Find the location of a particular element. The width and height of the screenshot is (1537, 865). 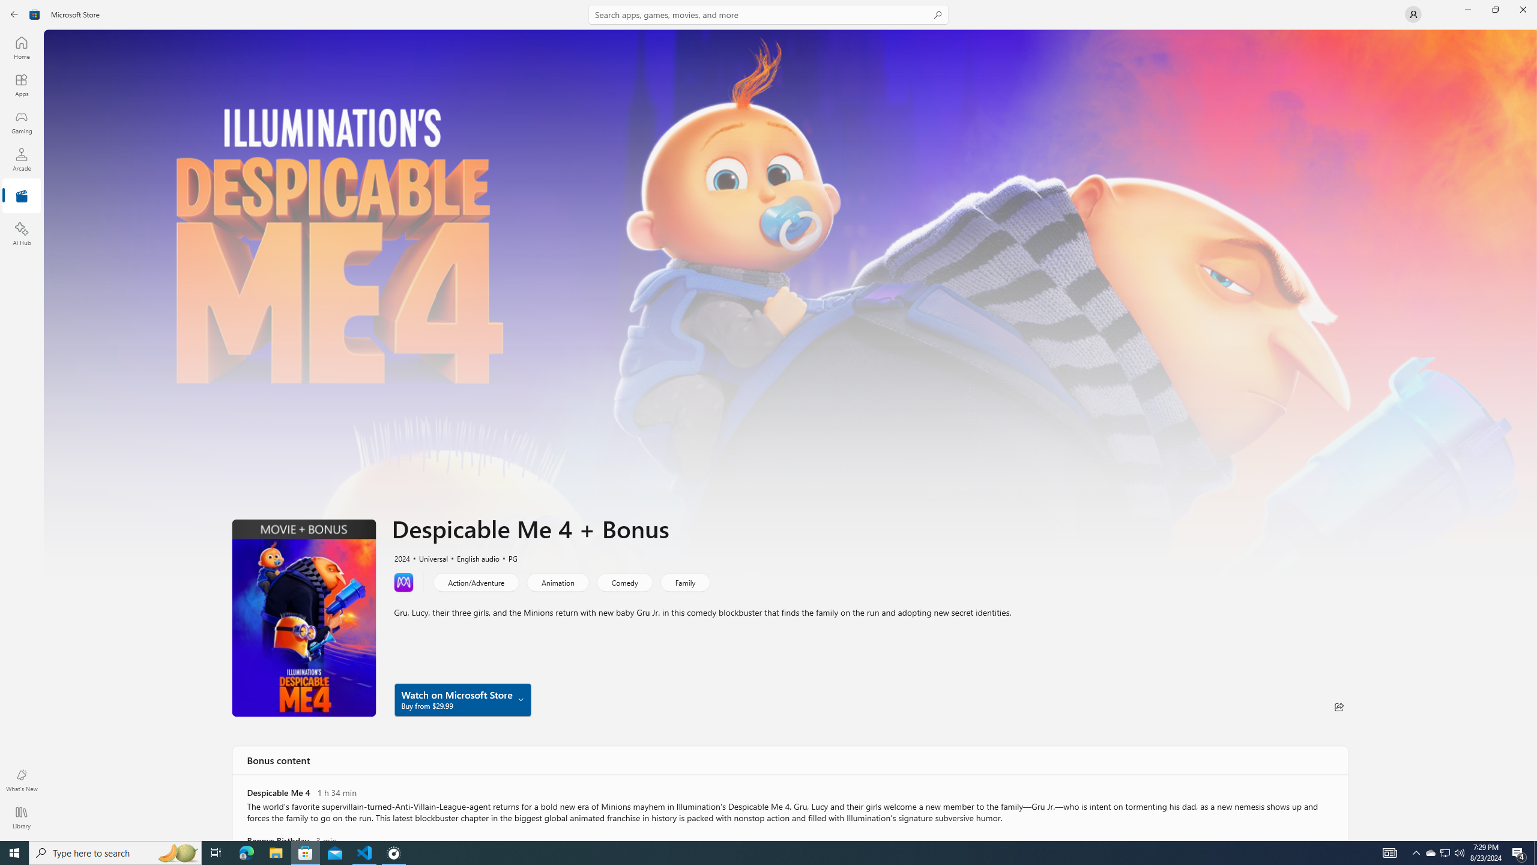

'Search' is located at coordinates (768, 14).